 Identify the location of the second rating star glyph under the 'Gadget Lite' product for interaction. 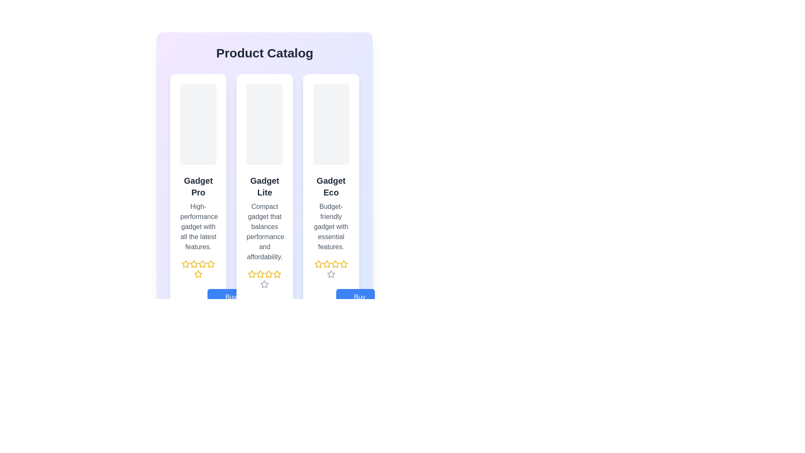
(252, 274).